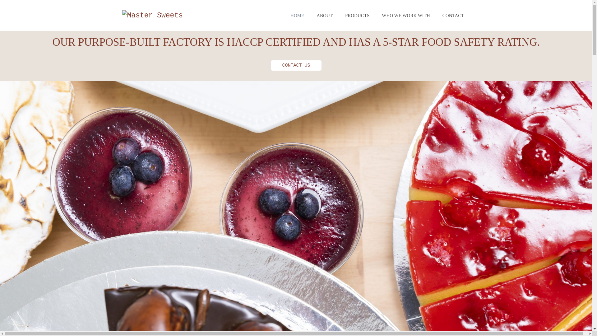 The image size is (597, 336). I want to click on 'HOME', so click(284, 15).